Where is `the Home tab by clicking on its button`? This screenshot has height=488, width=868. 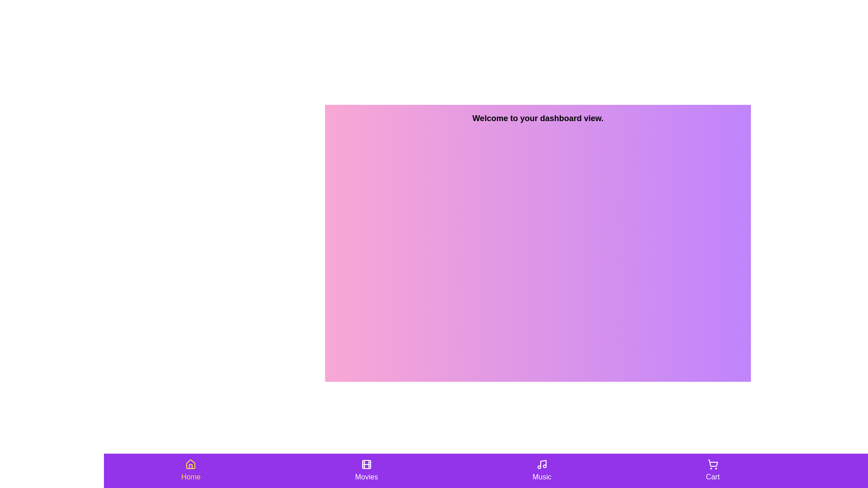 the Home tab by clicking on its button is located at coordinates (190, 470).